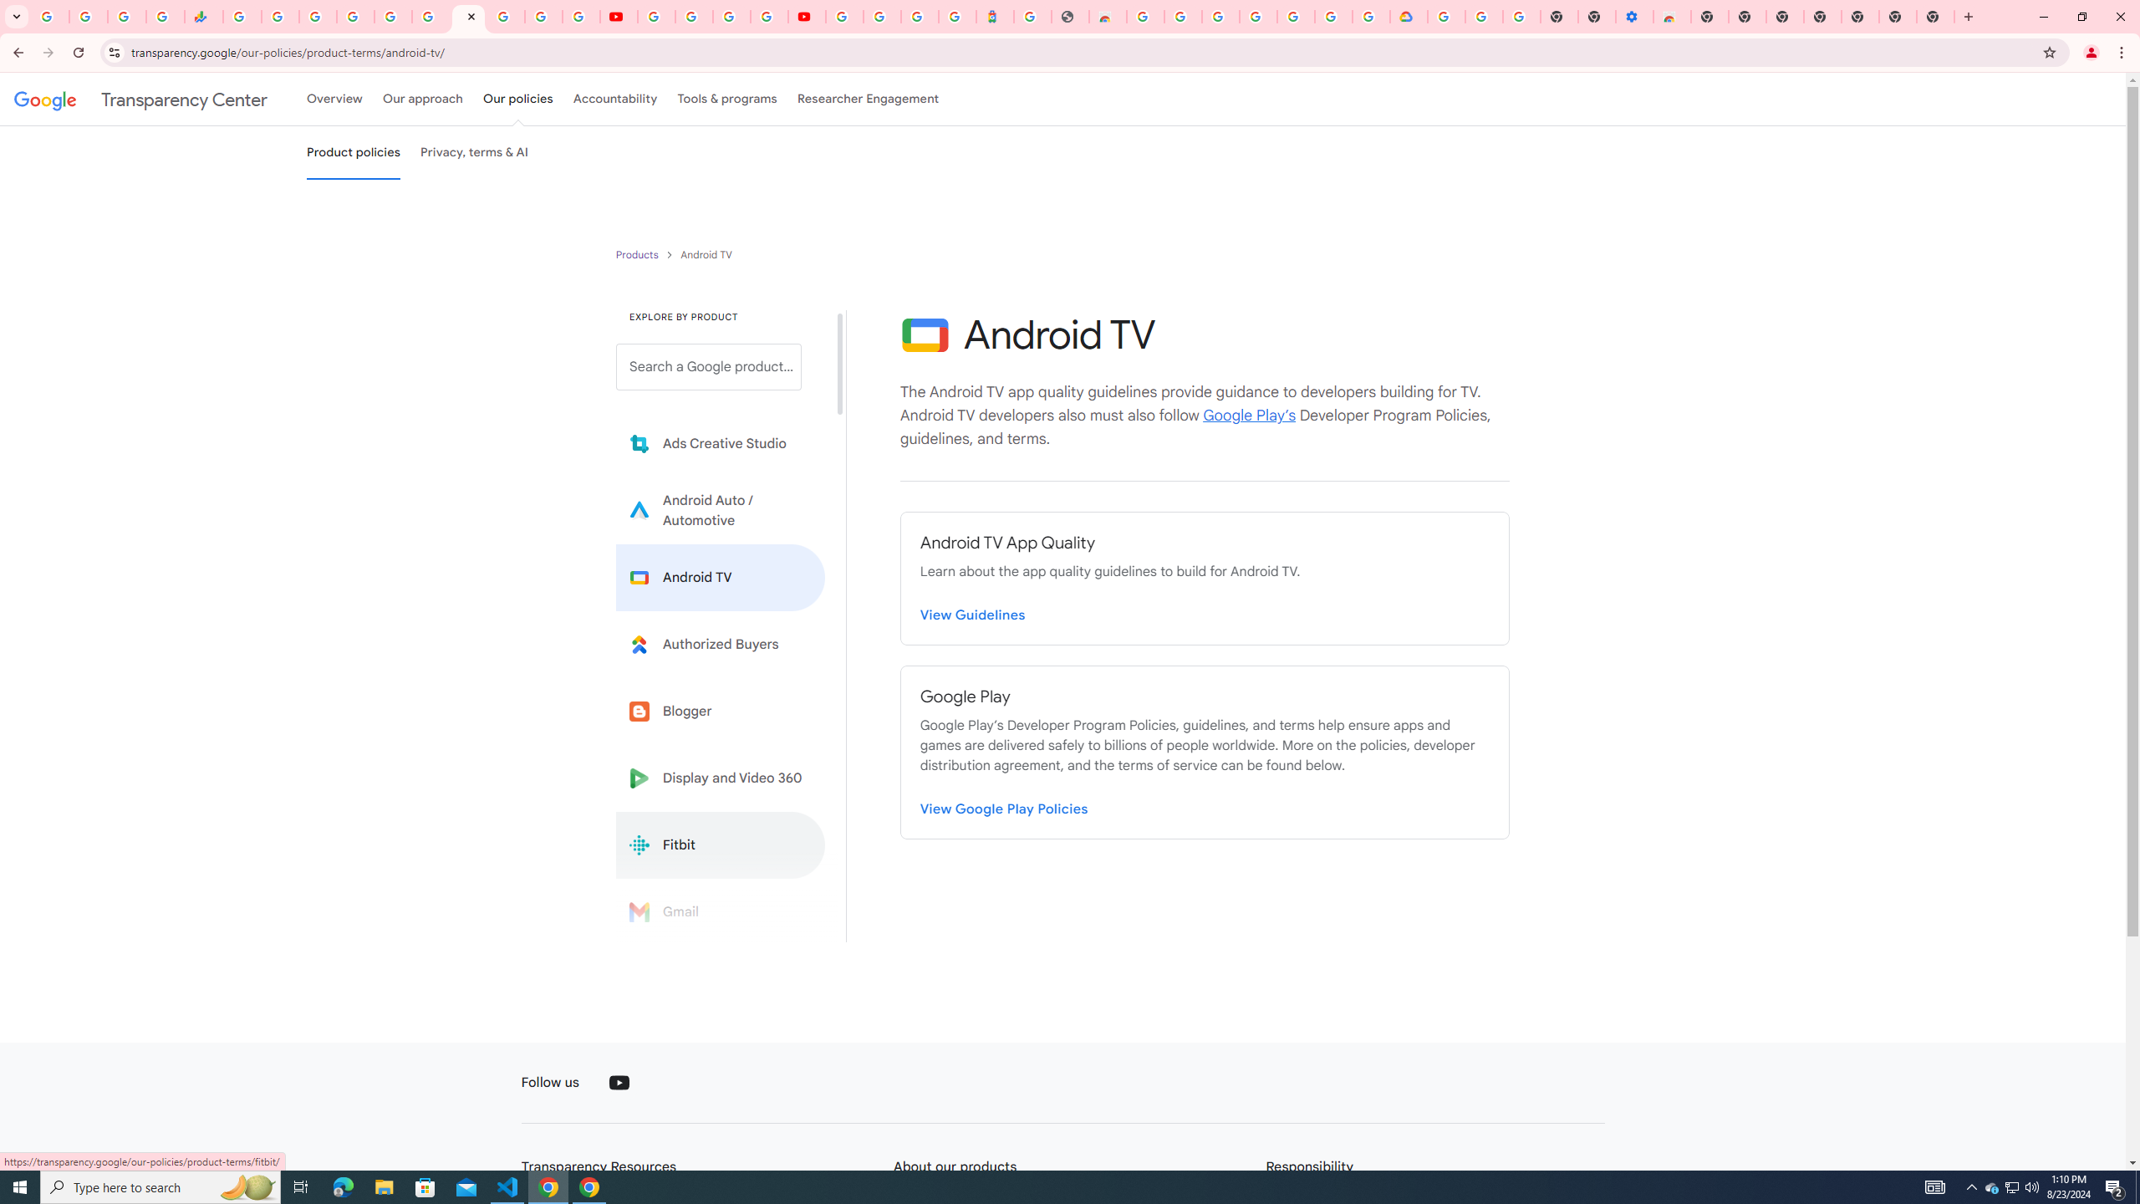  I want to click on 'New Tab', so click(1860, 16).